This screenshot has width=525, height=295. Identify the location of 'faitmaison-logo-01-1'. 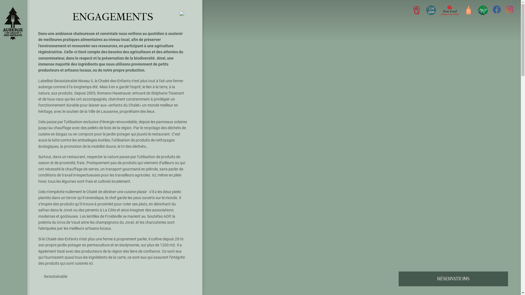
(468, 10).